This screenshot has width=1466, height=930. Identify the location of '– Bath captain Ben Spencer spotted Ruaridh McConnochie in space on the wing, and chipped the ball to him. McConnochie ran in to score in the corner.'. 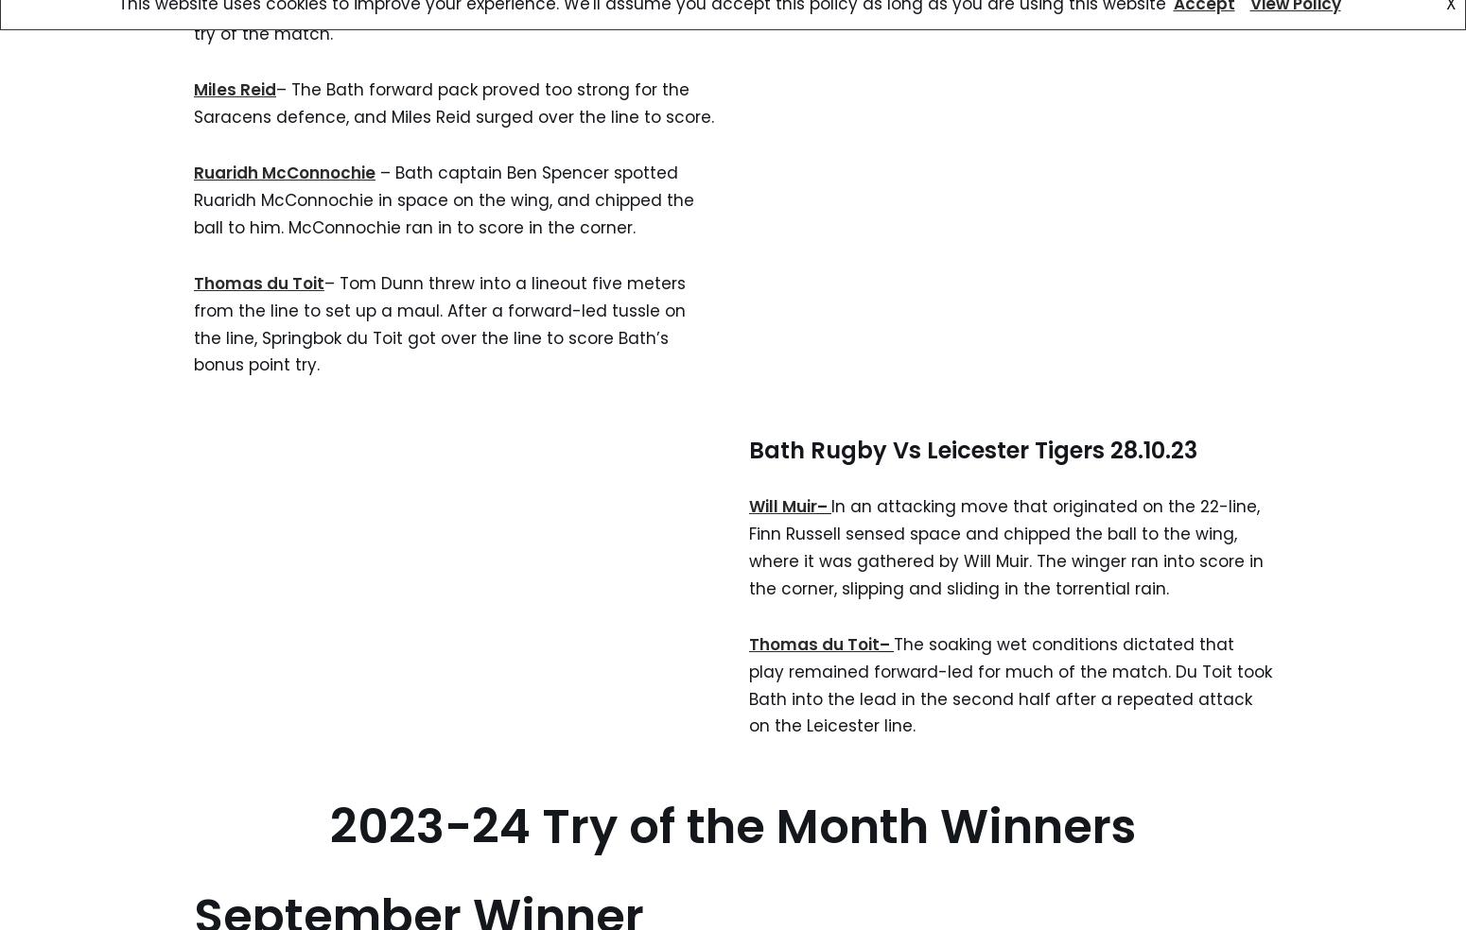
(443, 199).